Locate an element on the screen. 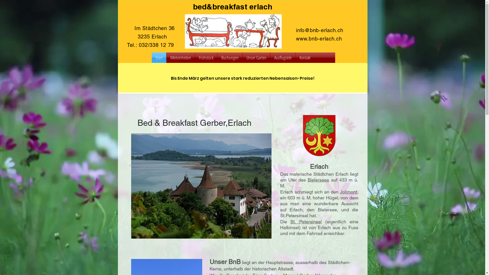  'info@bnb-erlach.ch' is located at coordinates (319, 30).